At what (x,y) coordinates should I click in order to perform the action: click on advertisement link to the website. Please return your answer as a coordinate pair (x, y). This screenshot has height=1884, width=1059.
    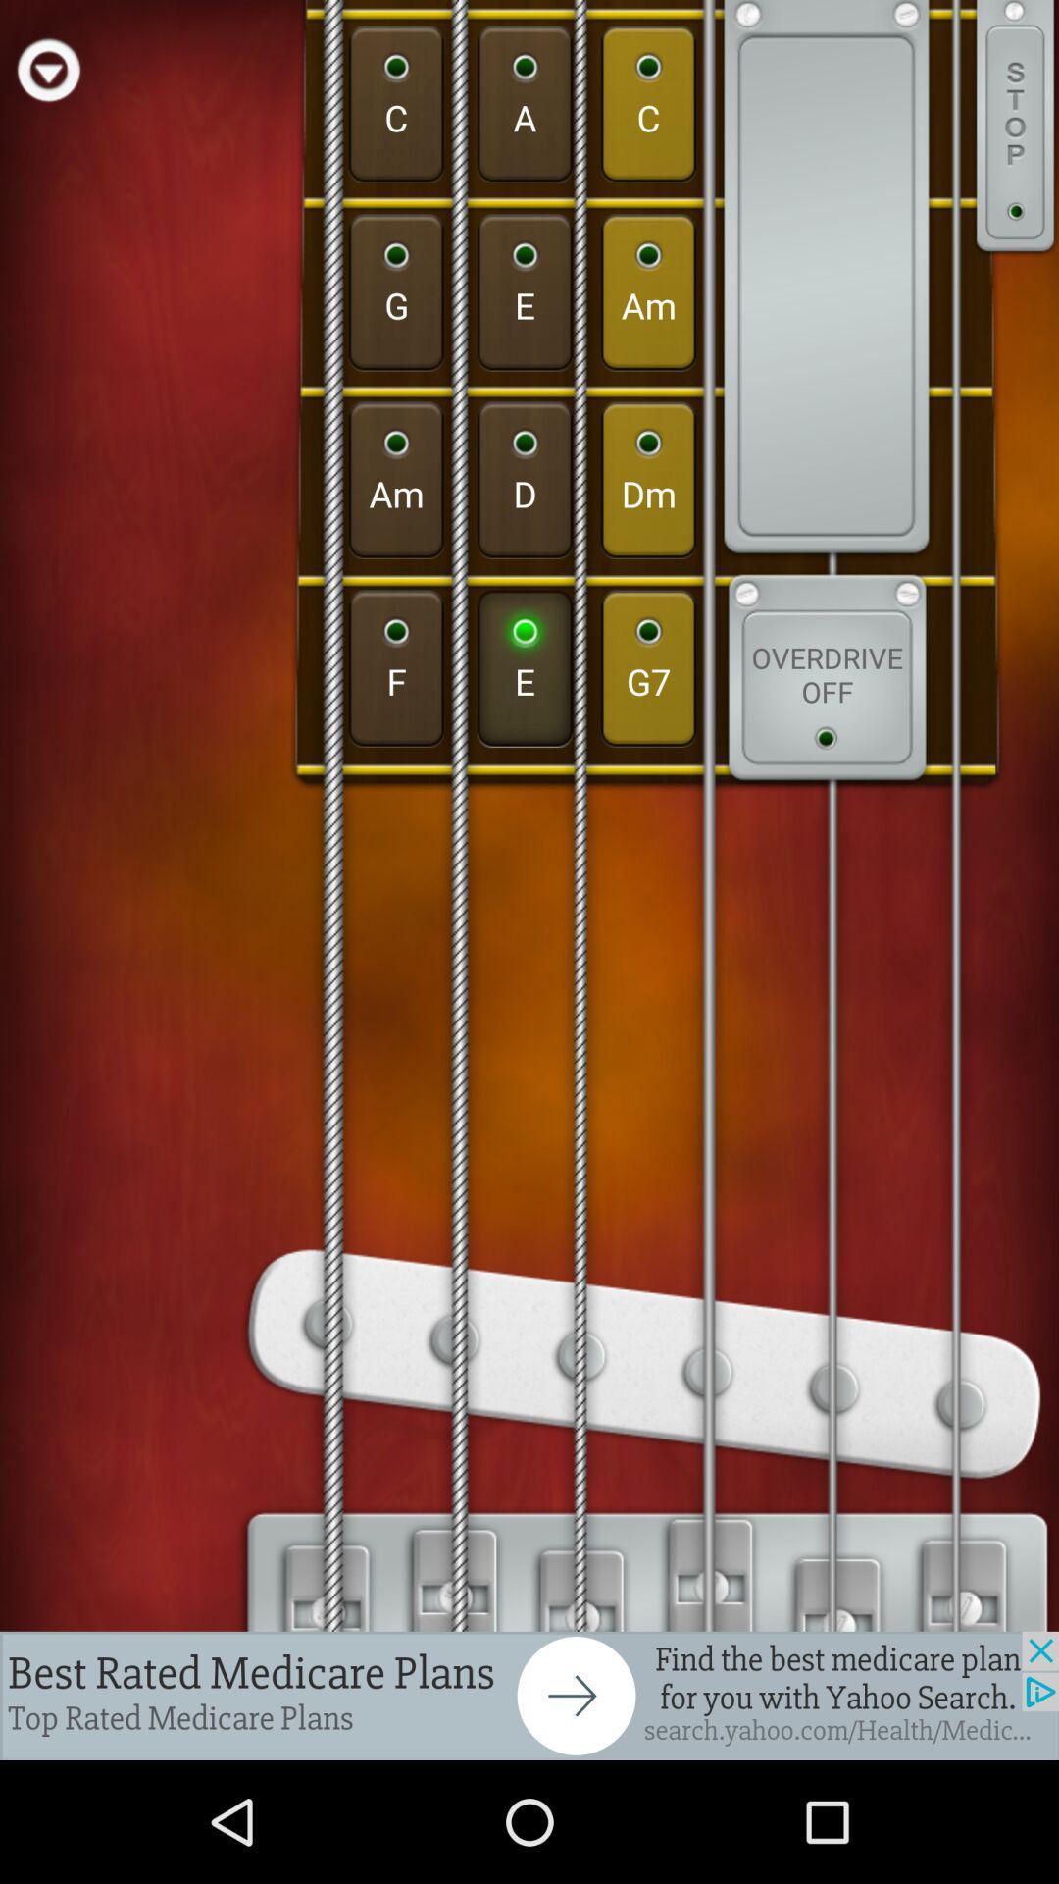
    Looking at the image, I should click on (529, 1695).